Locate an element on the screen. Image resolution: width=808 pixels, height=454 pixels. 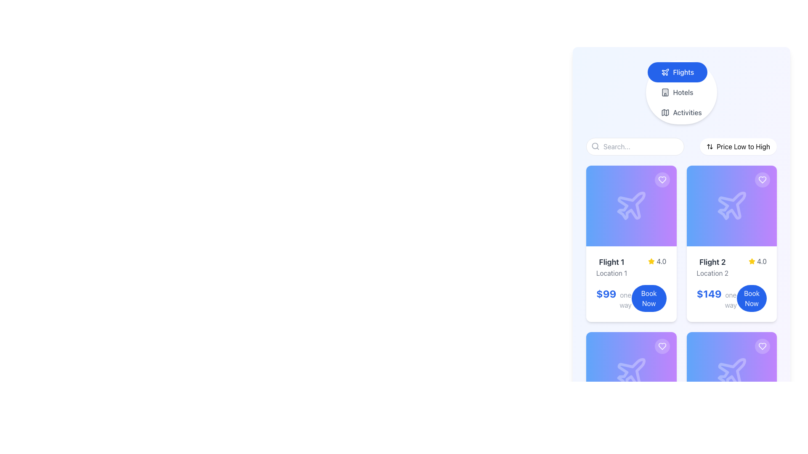
the flight icon located at the center of the second card in the list, which is positioned below the header tabs for 'Flights', 'Hotels', and 'Activities' is located at coordinates (731, 206).